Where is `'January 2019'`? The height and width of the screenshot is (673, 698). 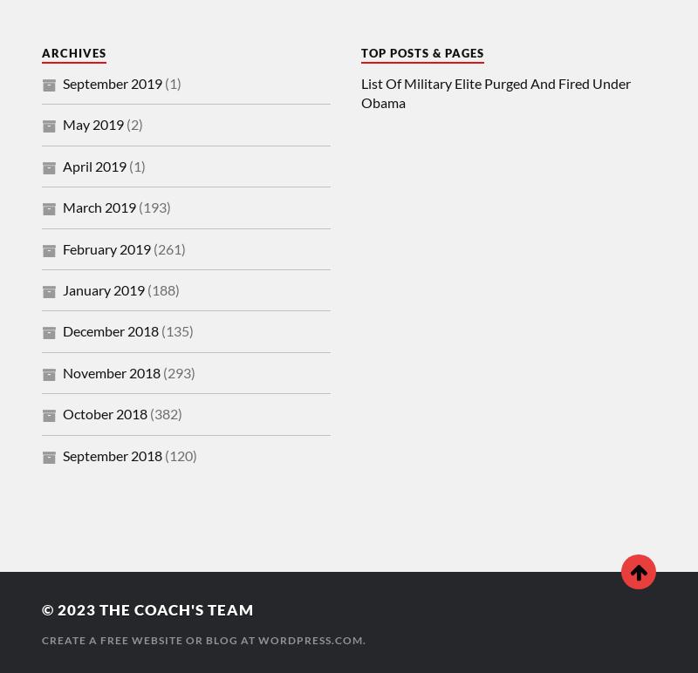 'January 2019' is located at coordinates (102, 289).